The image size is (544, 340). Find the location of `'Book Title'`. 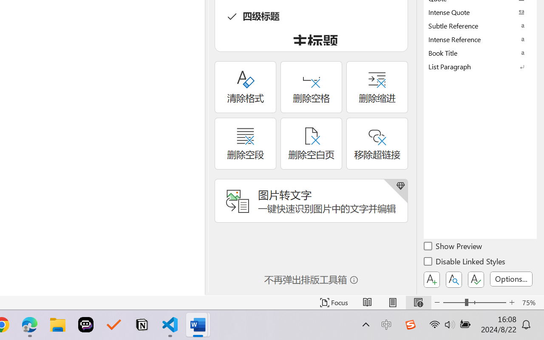

'Book Title' is located at coordinates (480, 52).